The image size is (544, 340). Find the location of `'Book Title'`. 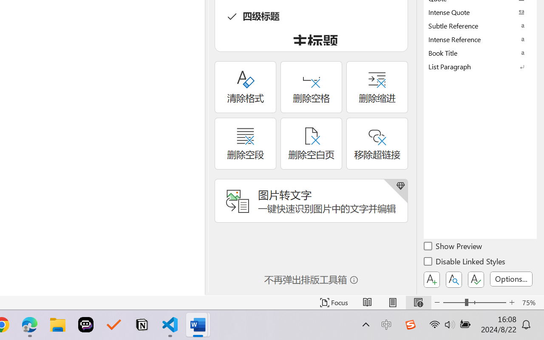

'Book Title' is located at coordinates (480, 52).